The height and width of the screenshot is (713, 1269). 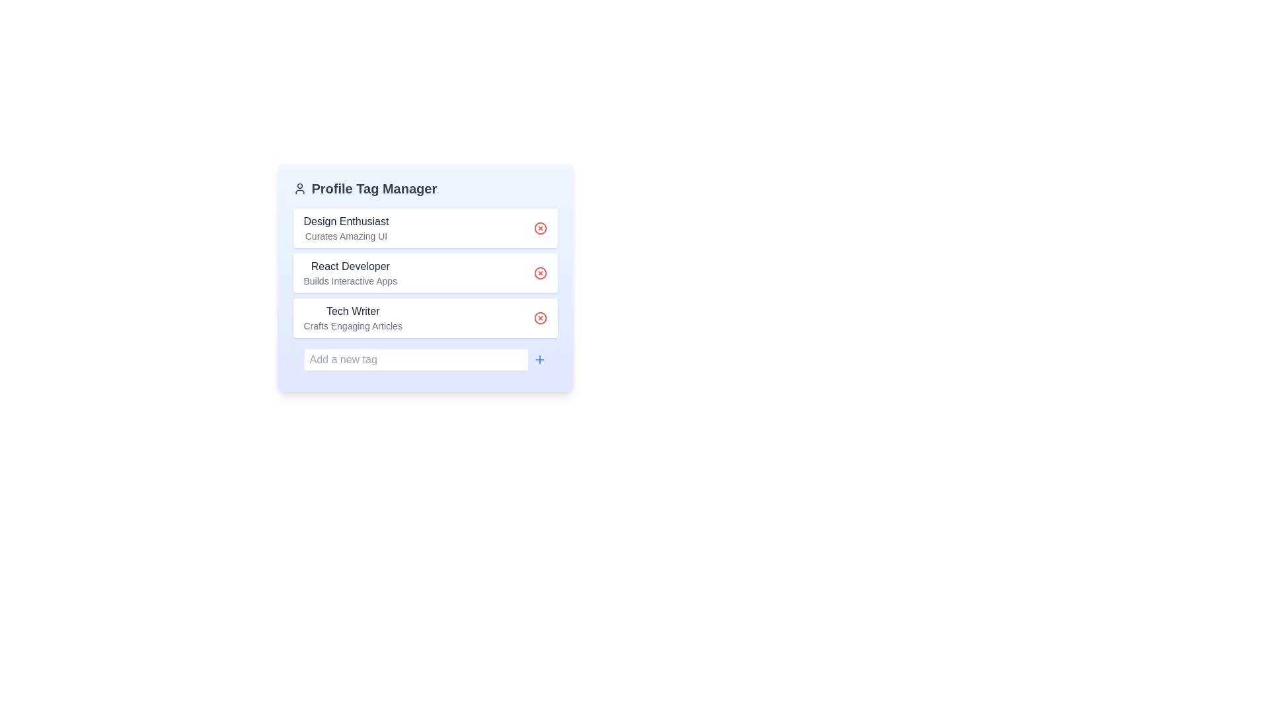 I want to click on the input field and interact with the placeholder text 'Add a new tag', so click(x=415, y=359).